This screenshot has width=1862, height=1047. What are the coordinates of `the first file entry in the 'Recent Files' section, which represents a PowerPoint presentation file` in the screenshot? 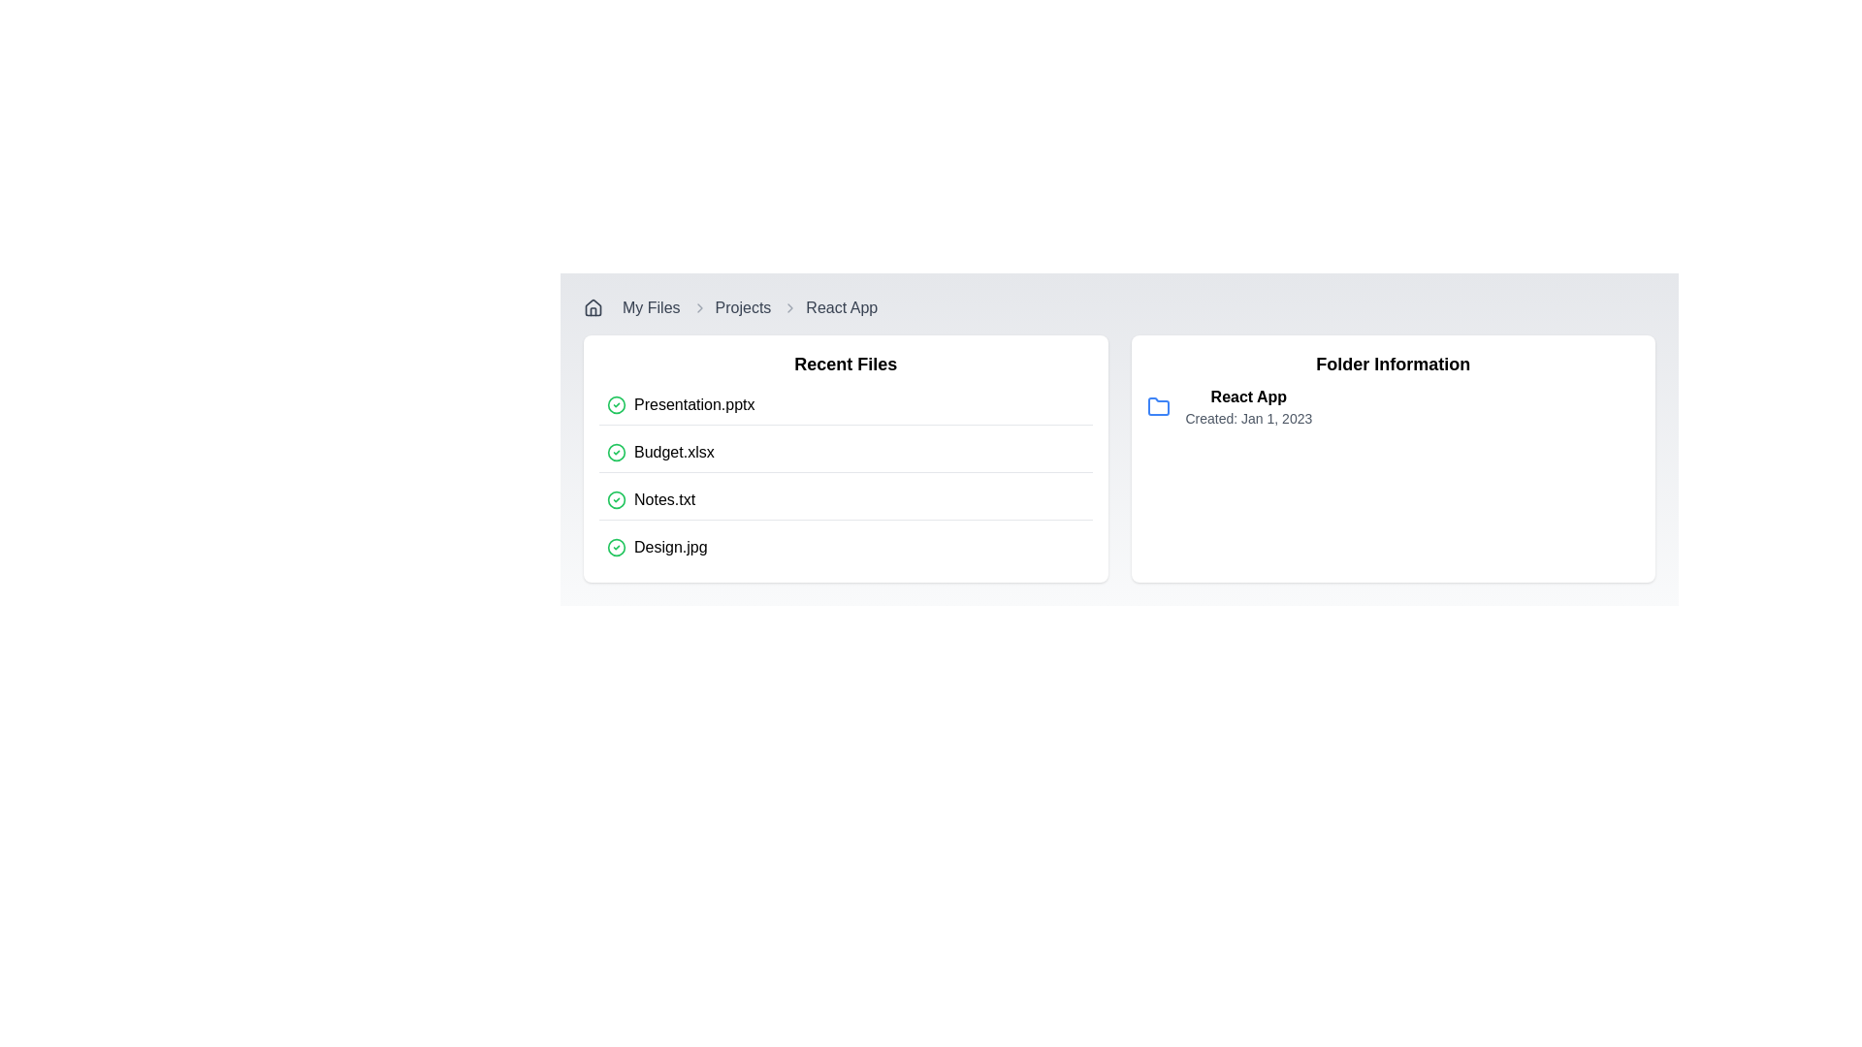 It's located at (846, 404).